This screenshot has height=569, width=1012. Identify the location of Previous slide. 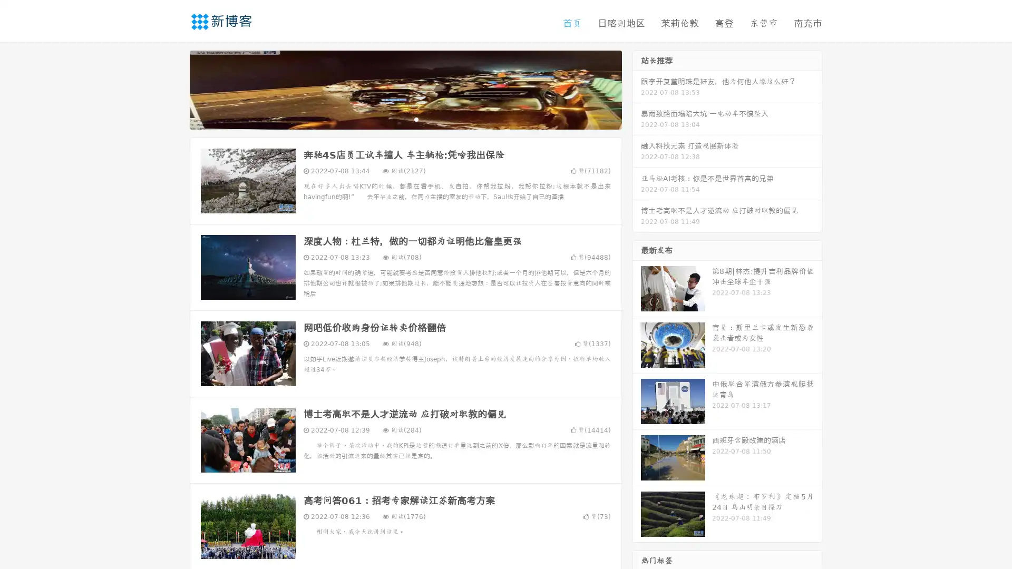
(174, 89).